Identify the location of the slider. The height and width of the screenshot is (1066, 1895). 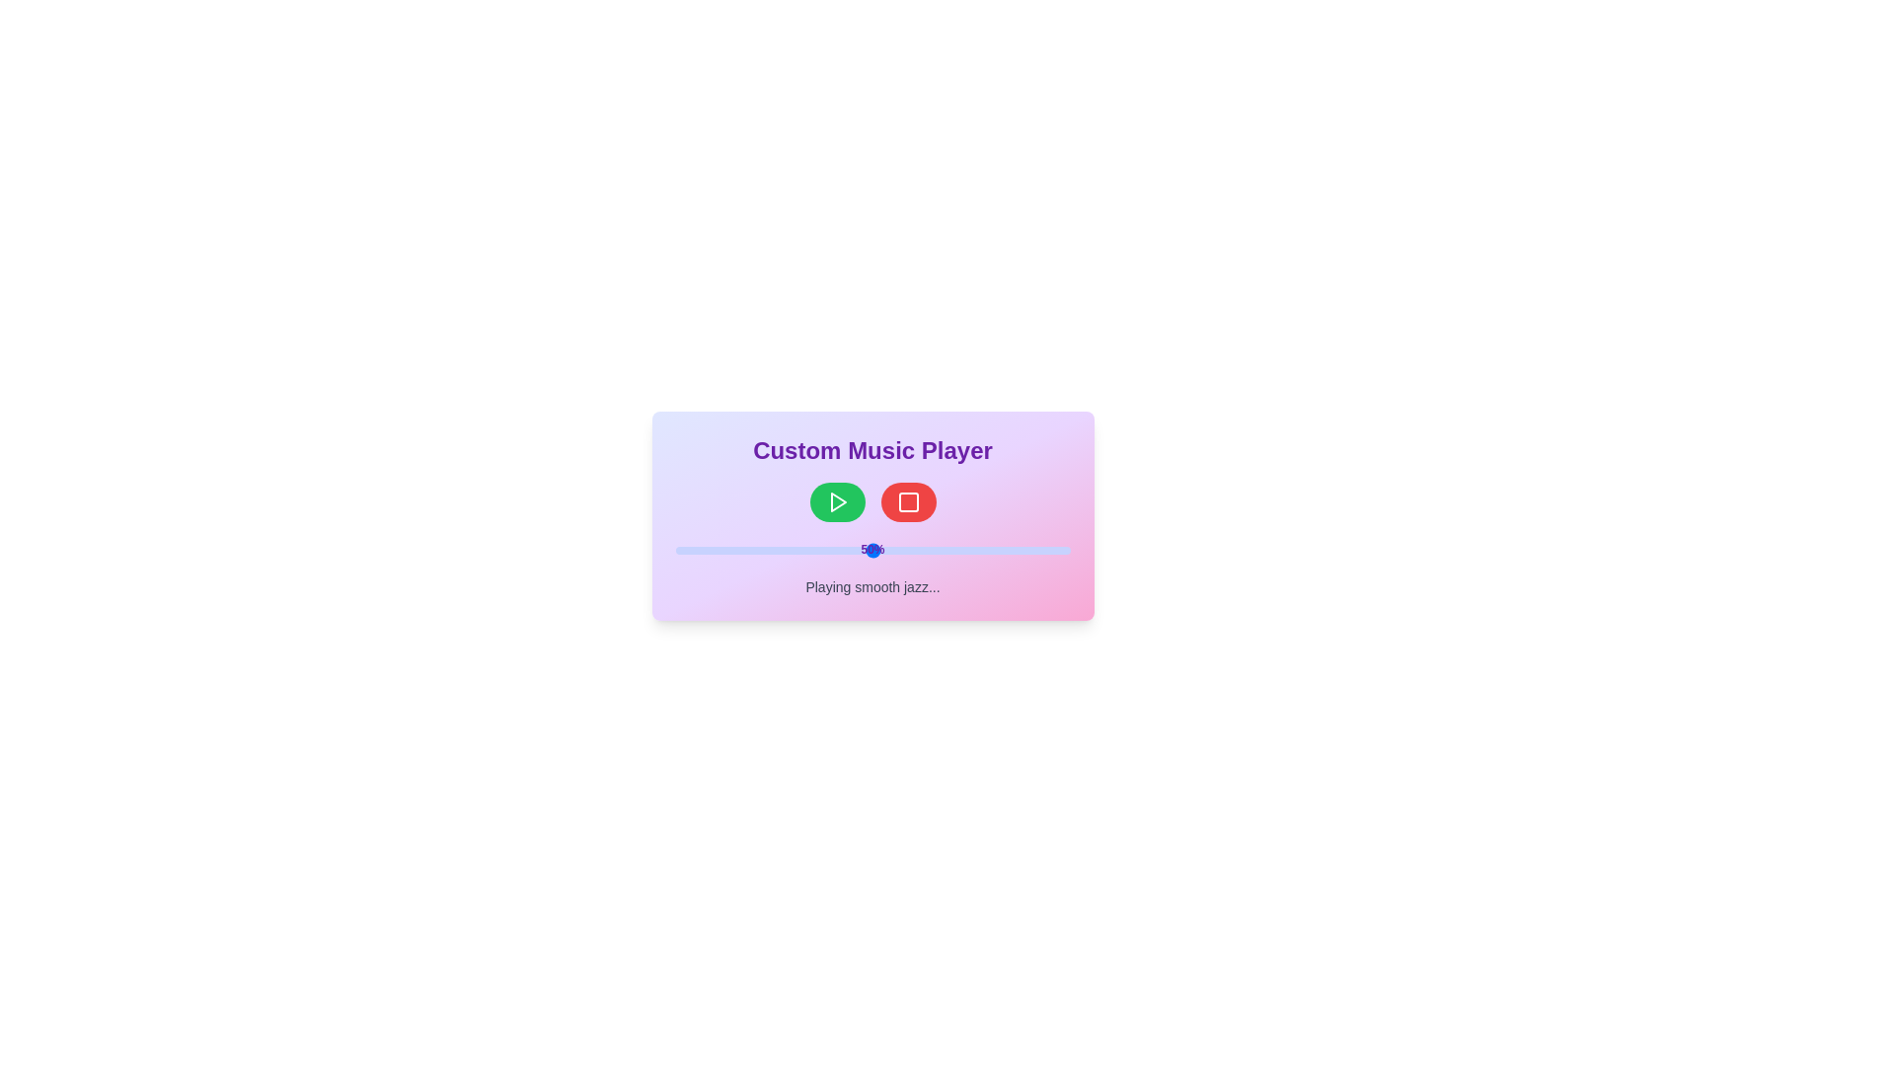
(837, 551).